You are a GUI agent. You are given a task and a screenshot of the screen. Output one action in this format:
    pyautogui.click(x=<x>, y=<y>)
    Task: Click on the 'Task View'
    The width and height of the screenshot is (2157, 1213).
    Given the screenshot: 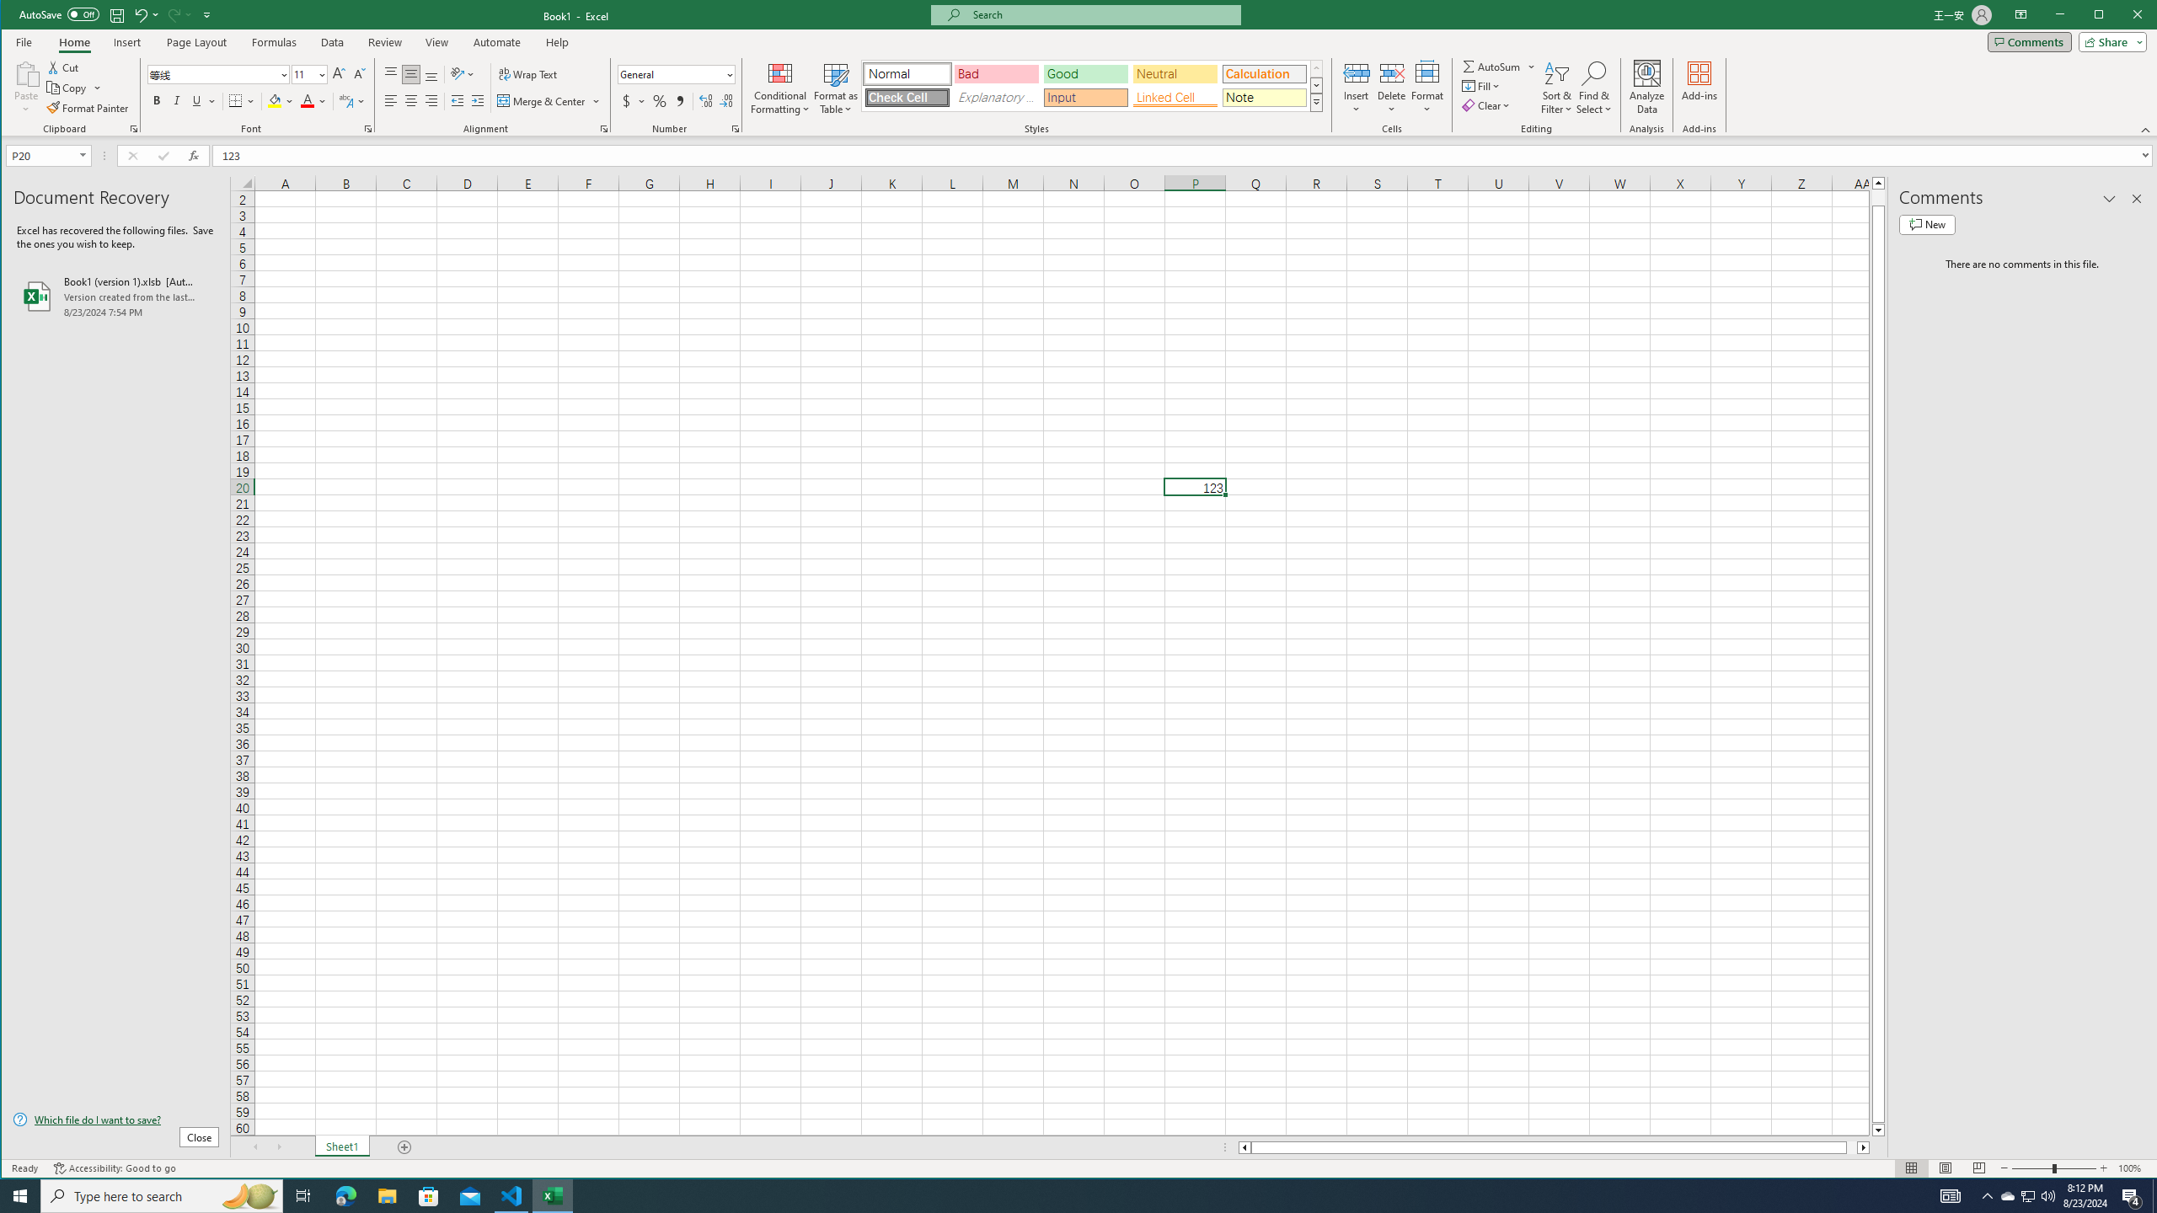 What is the action you would take?
    pyautogui.click(x=302, y=1194)
    